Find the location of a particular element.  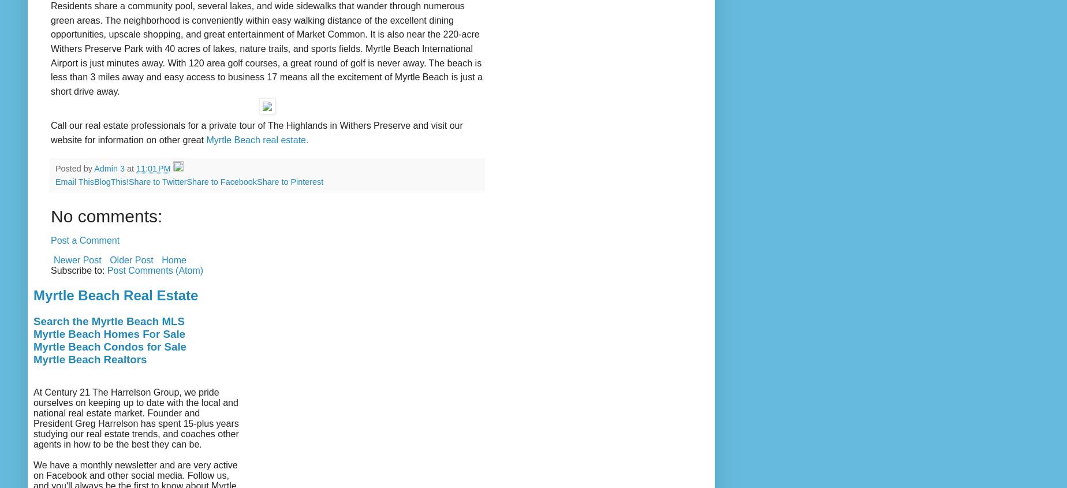

'Myrtle Beach Condos for Sale' is located at coordinates (110, 347).